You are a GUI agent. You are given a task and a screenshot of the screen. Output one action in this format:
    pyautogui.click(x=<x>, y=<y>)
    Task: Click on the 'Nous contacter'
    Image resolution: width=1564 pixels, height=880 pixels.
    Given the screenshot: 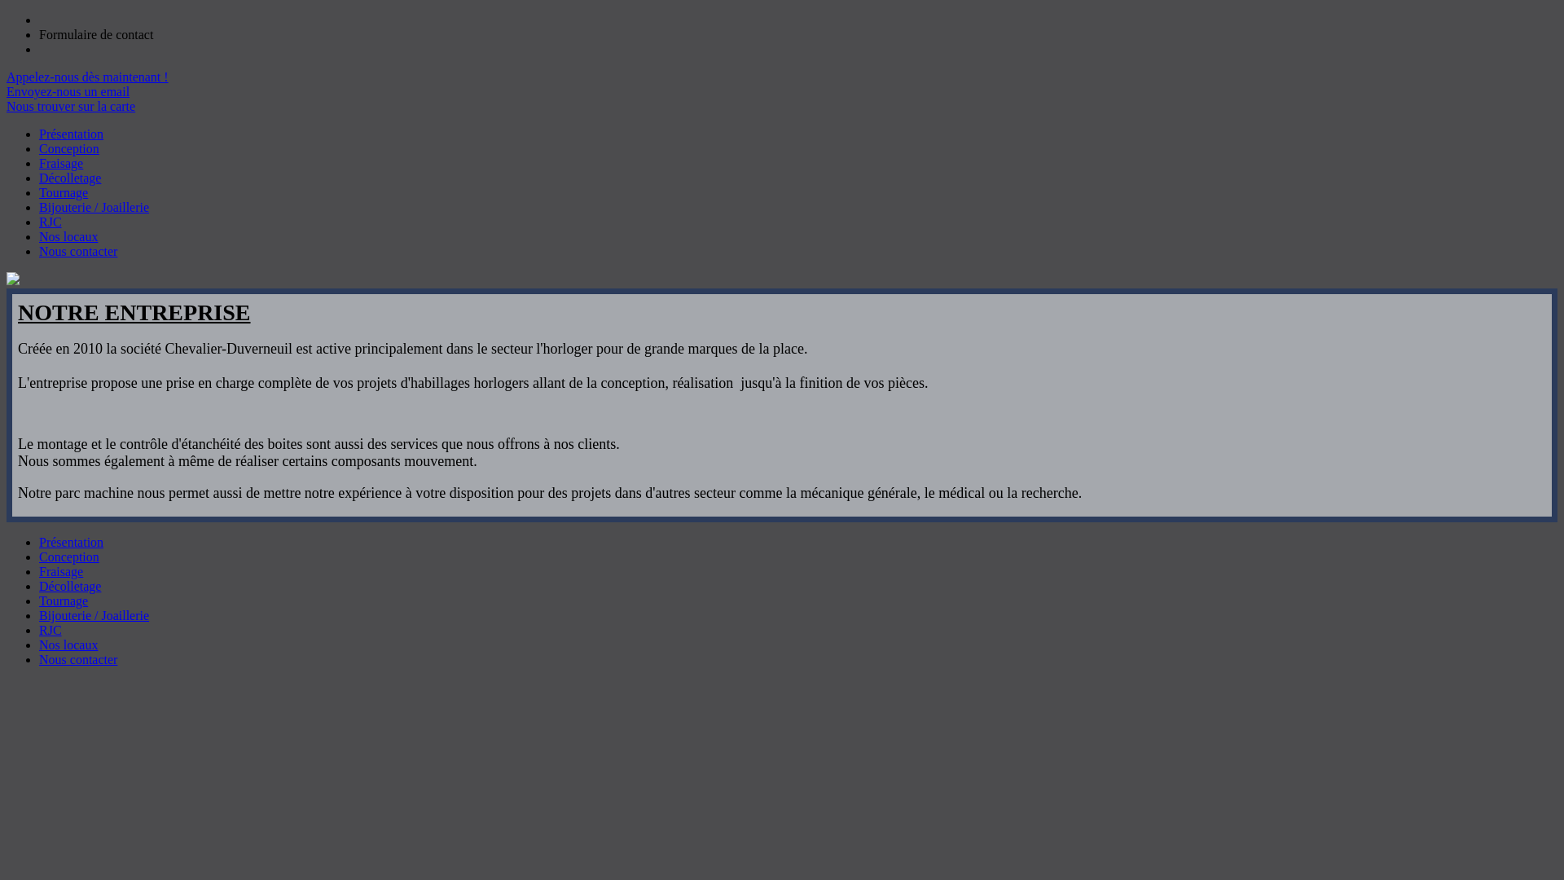 What is the action you would take?
    pyautogui.click(x=77, y=251)
    